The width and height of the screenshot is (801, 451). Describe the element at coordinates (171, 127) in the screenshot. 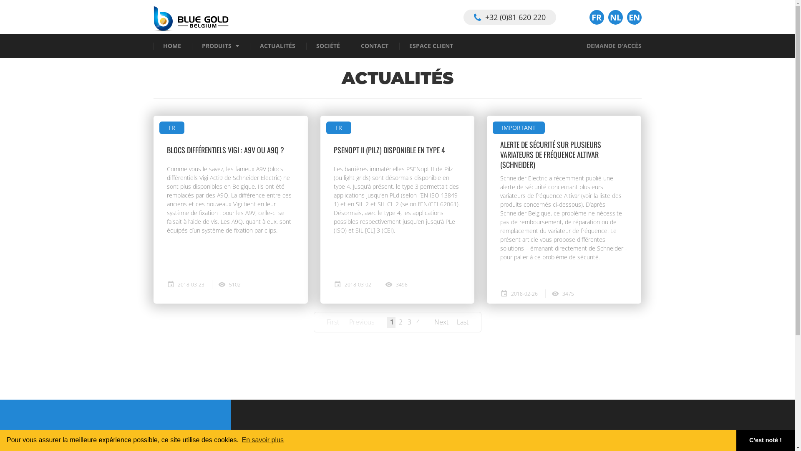

I see `'FR'` at that location.